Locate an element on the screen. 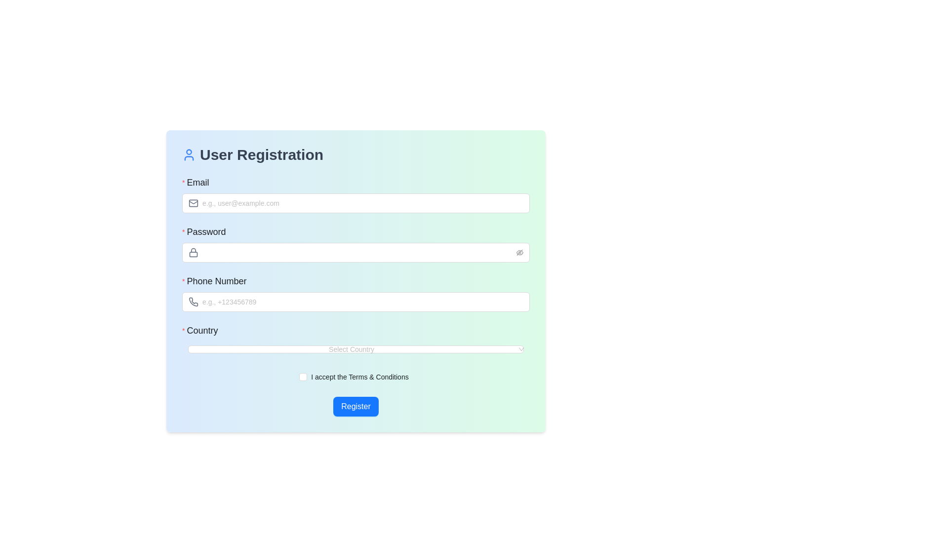 This screenshot has width=948, height=533. the static text label displaying 'Phone Number', which is centrally located above the phone number input field in the registration form is located at coordinates (216, 281).